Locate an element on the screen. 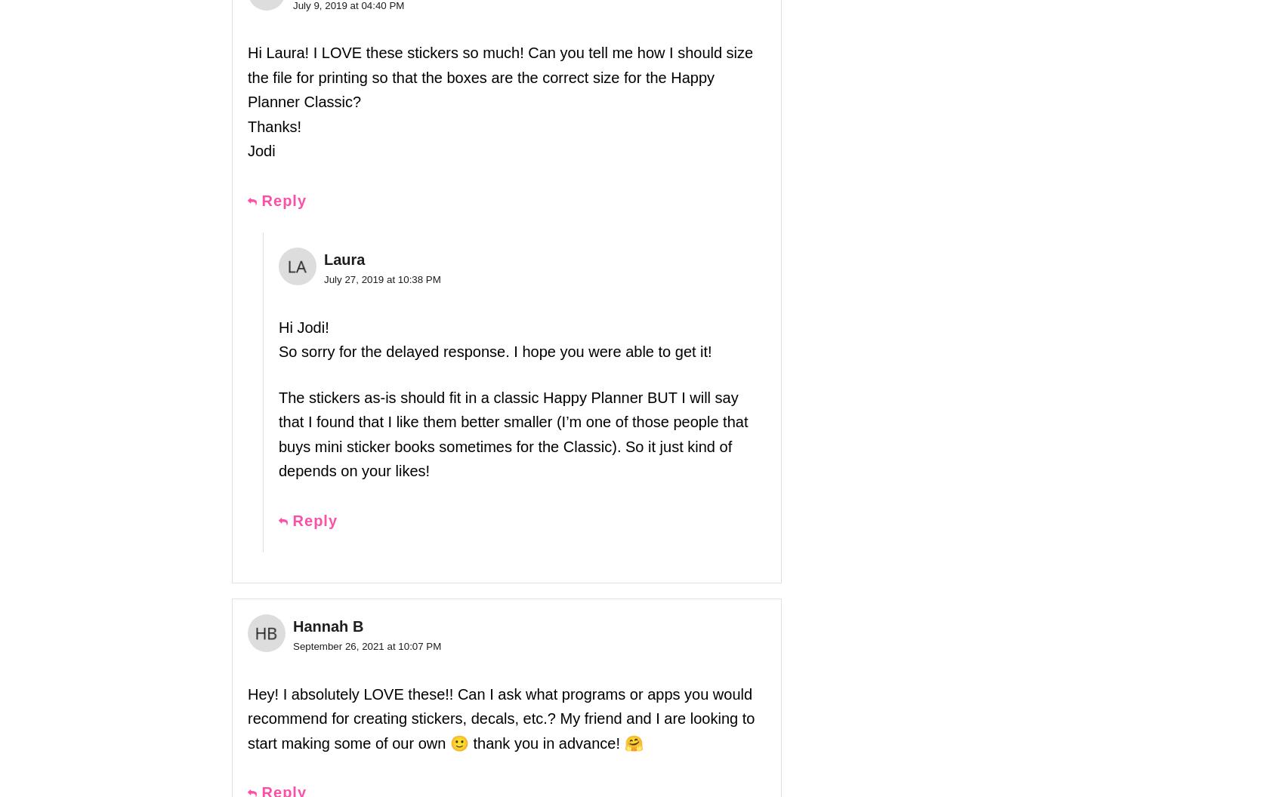 The width and height of the screenshot is (1278, 797). 'Hi Jodi!' is located at coordinates (304, 326).